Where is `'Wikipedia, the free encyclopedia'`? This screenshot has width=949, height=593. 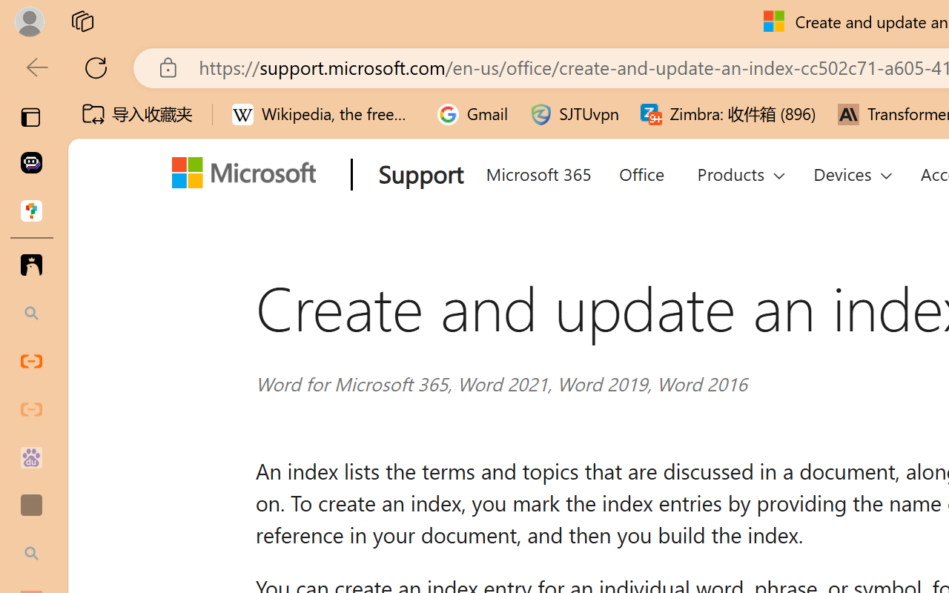
'Wikipedia, the free encyclopedia' is located at coordinates (323, 114).